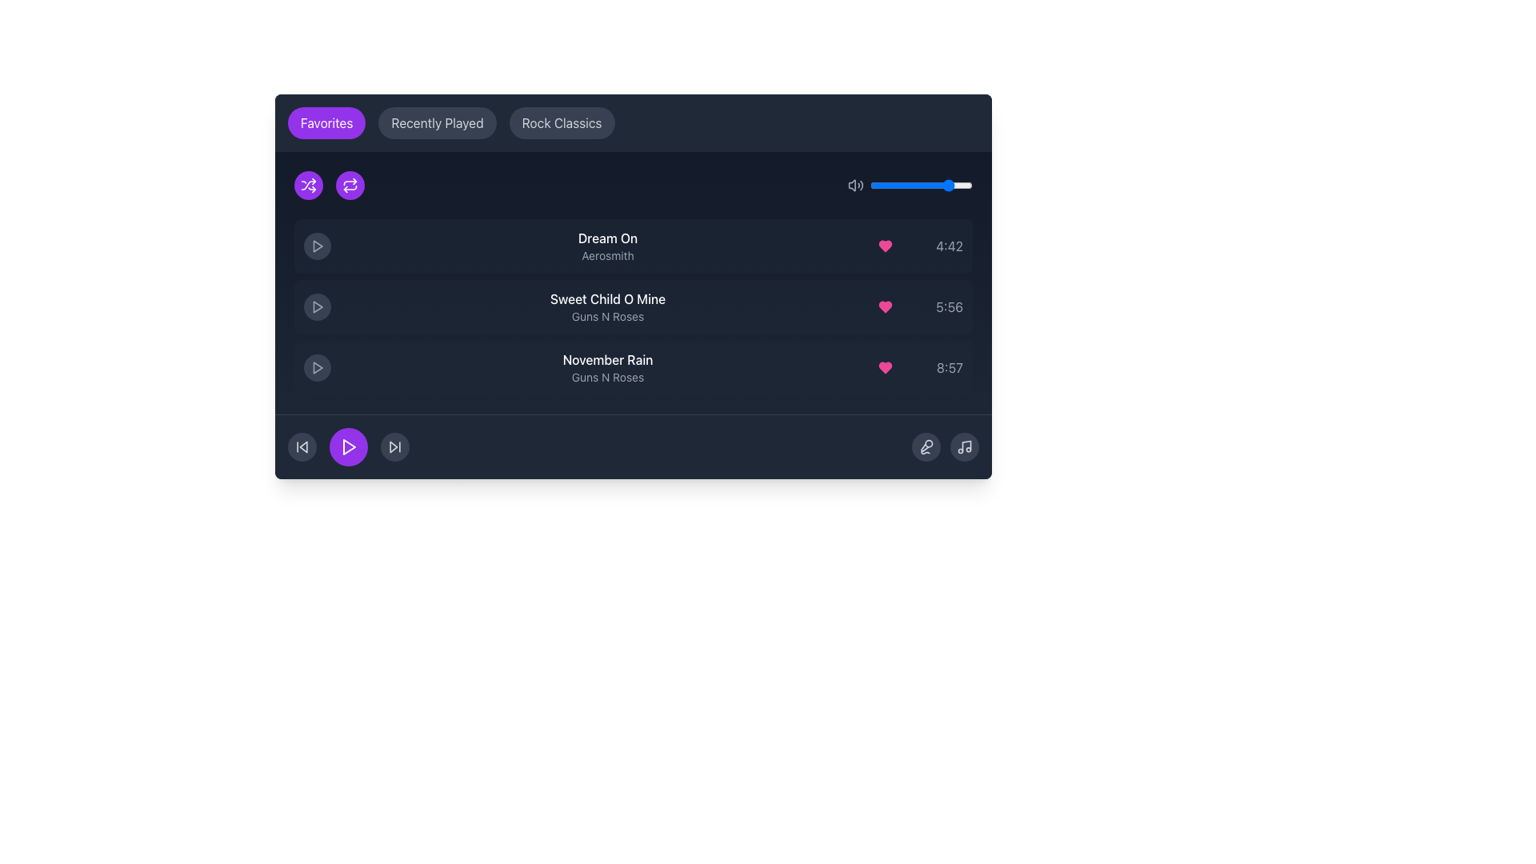 The width and height of the screenshot is (1536, 864). Describe the element at coordinates (606, 377) in the screenshot. I see `the text label 'Guns N Roses' styled in gray, located below the 'November Rain' title in the third list item` at that location.